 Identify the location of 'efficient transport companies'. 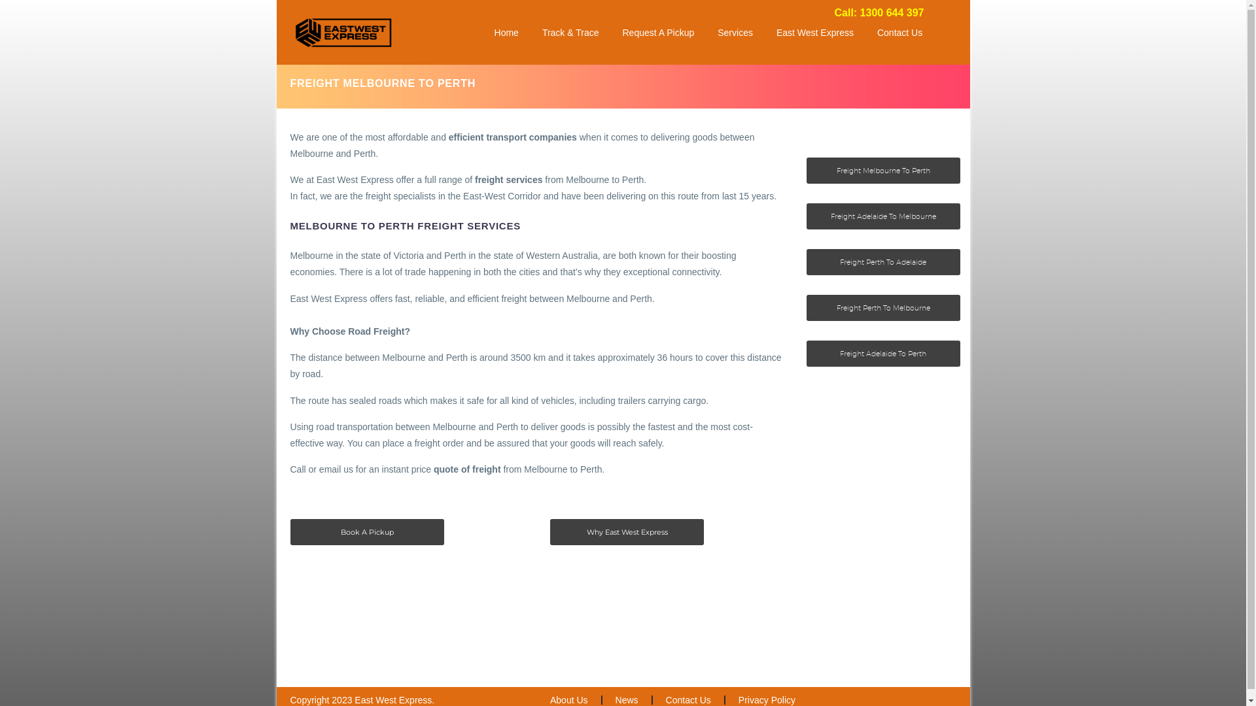
(512, 137).